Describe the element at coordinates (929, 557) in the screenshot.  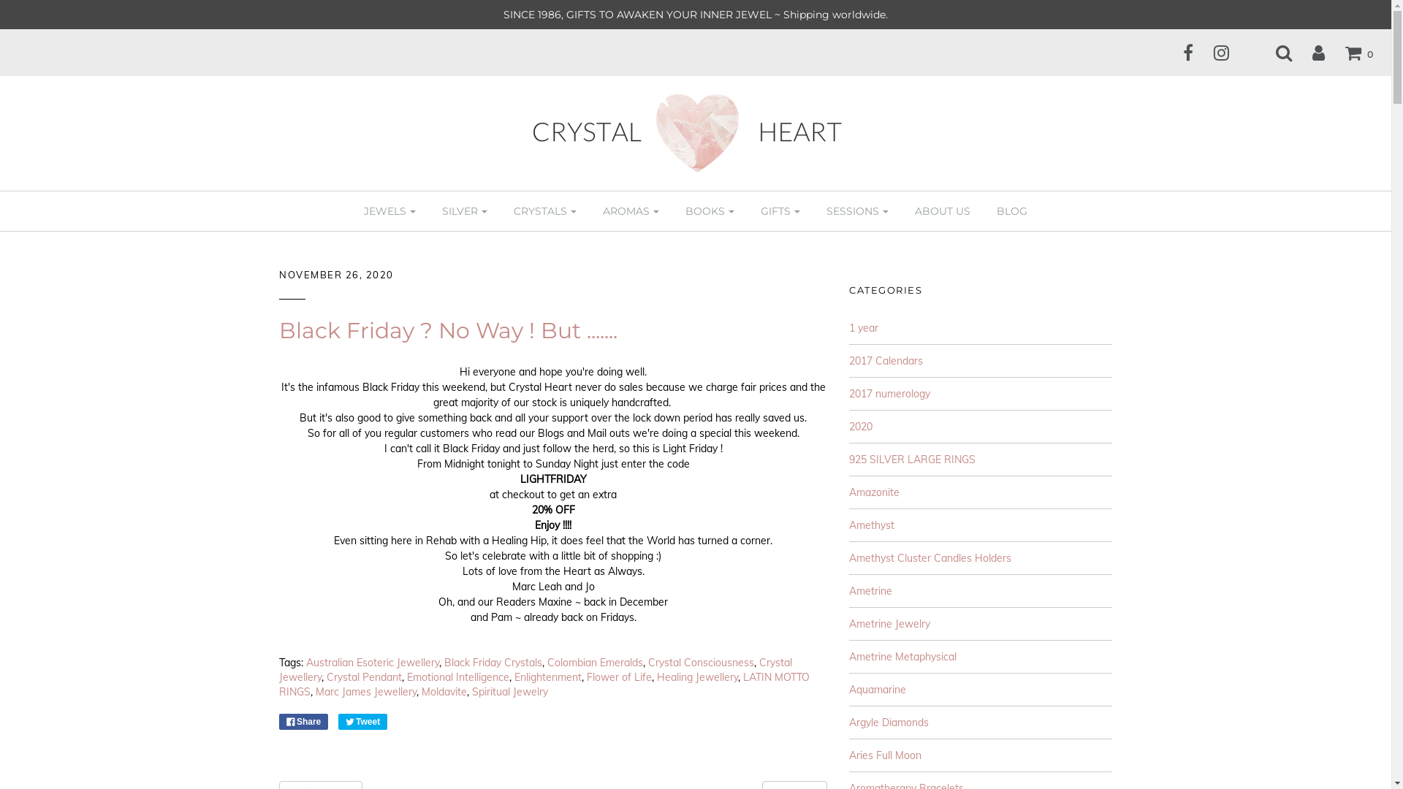
I see `'Amethyst Cluster Candles Holders'` at that location.